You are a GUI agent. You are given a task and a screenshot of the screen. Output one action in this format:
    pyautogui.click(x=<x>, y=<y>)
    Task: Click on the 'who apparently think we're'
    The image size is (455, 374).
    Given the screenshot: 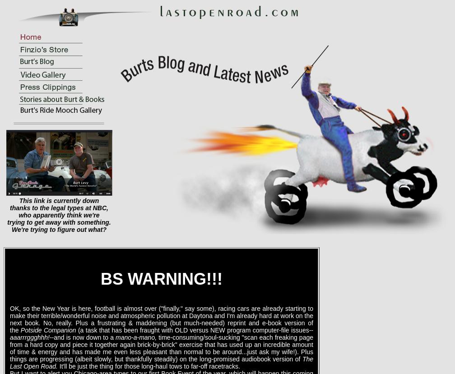 What is the action you would take?
    pyautogui.click(x=59, y=215)
    